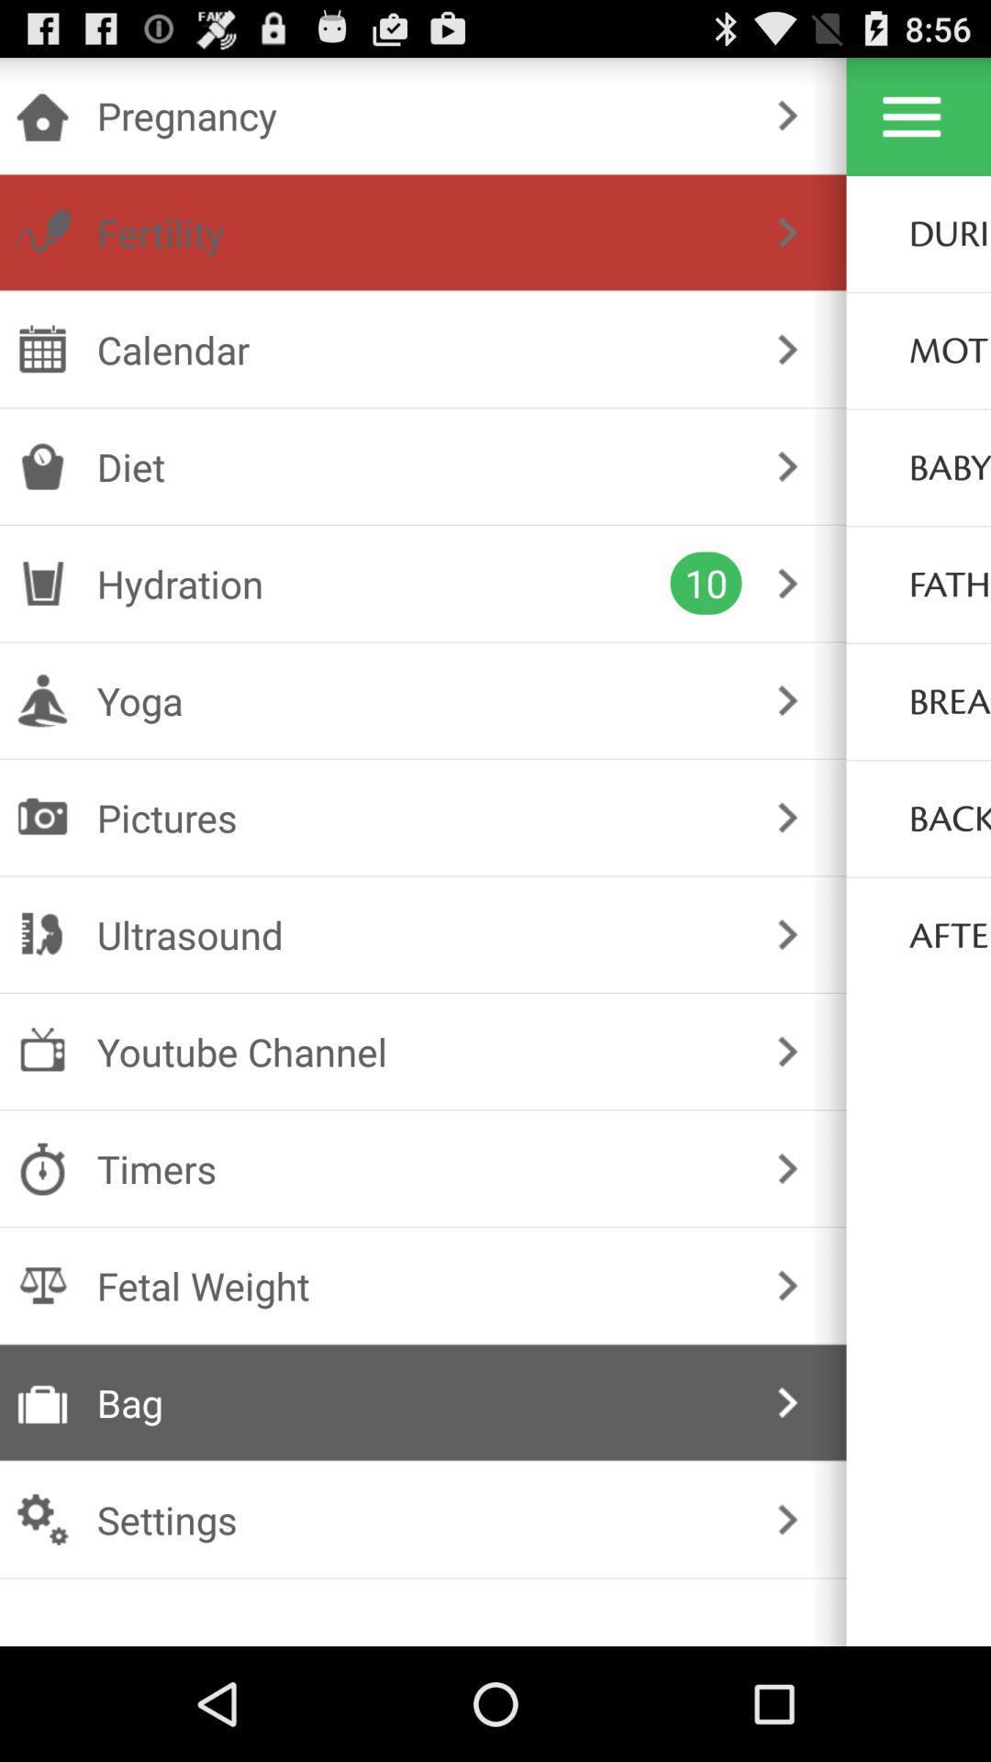  What do you see at coordinates (786, 934) in the screenshot?
I see `the app next to after some time` at bounding box center [786, 934].